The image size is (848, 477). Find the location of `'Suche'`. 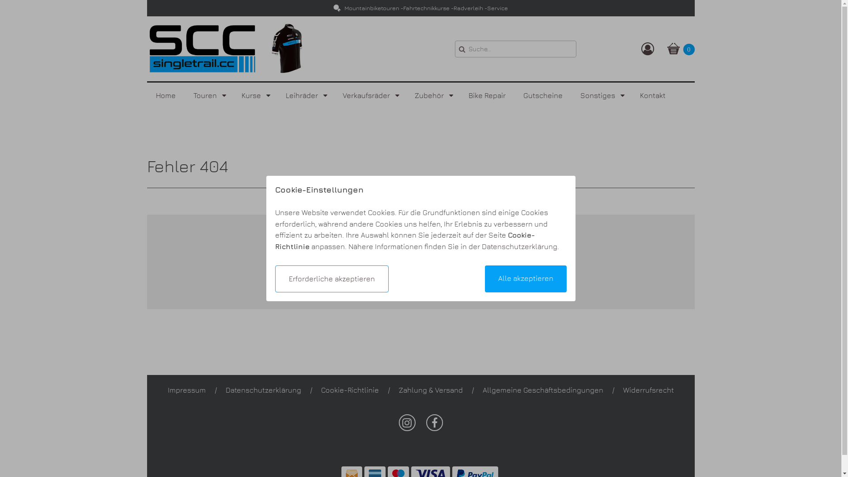

'Suche' is located at coordinates (455, 49).